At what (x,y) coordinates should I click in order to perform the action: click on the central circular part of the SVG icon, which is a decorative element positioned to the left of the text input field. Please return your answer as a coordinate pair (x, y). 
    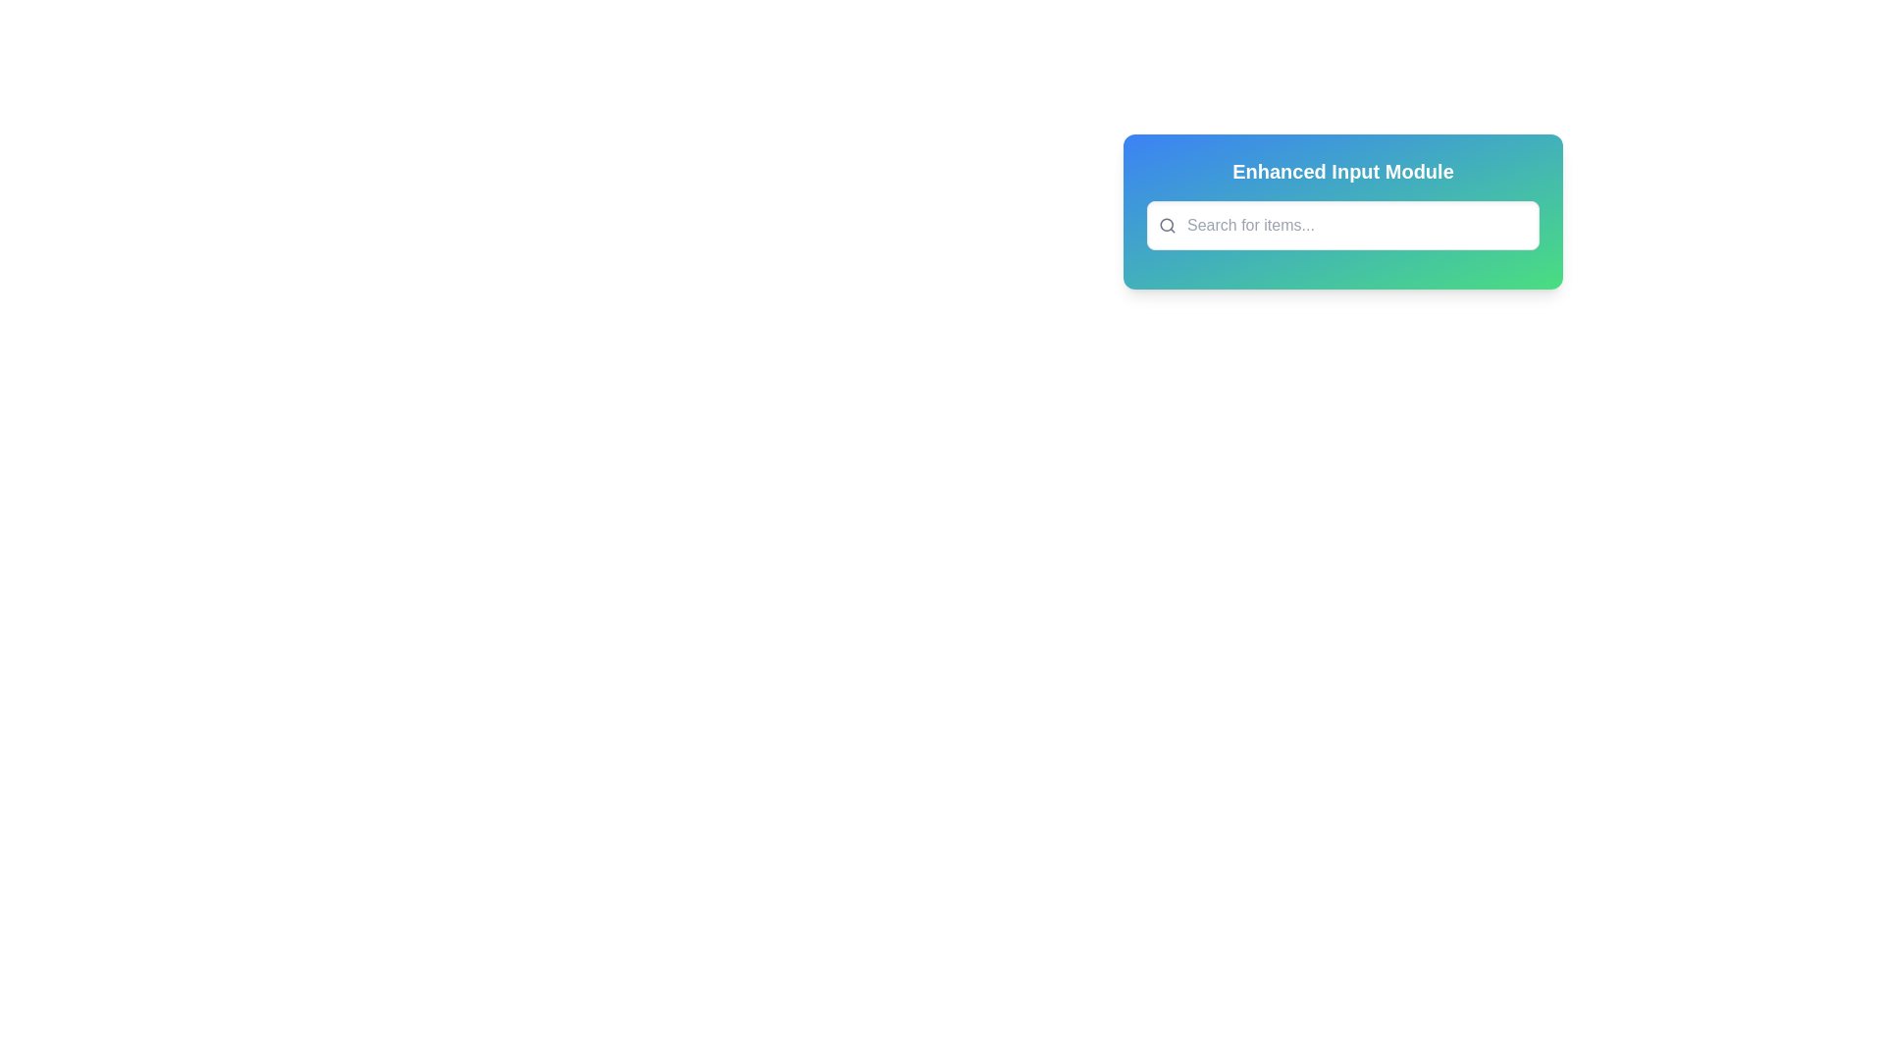
    Looking at the image, I should click on (1167, 224).